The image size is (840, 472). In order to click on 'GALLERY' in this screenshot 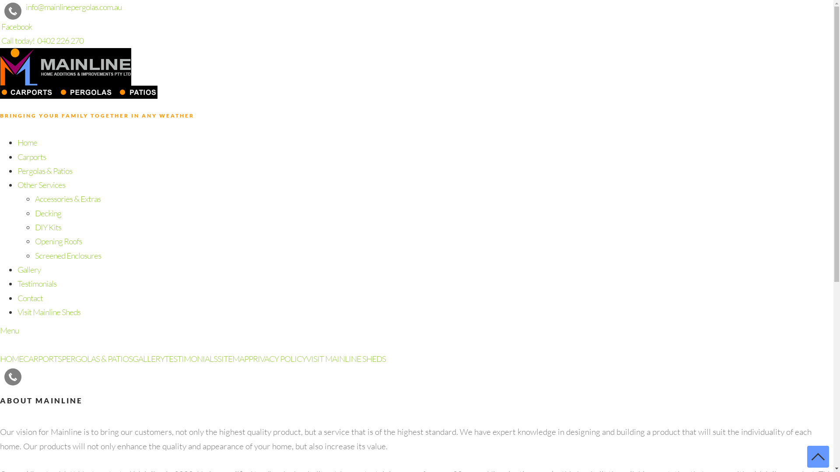, I will do `click(148, 359)`.